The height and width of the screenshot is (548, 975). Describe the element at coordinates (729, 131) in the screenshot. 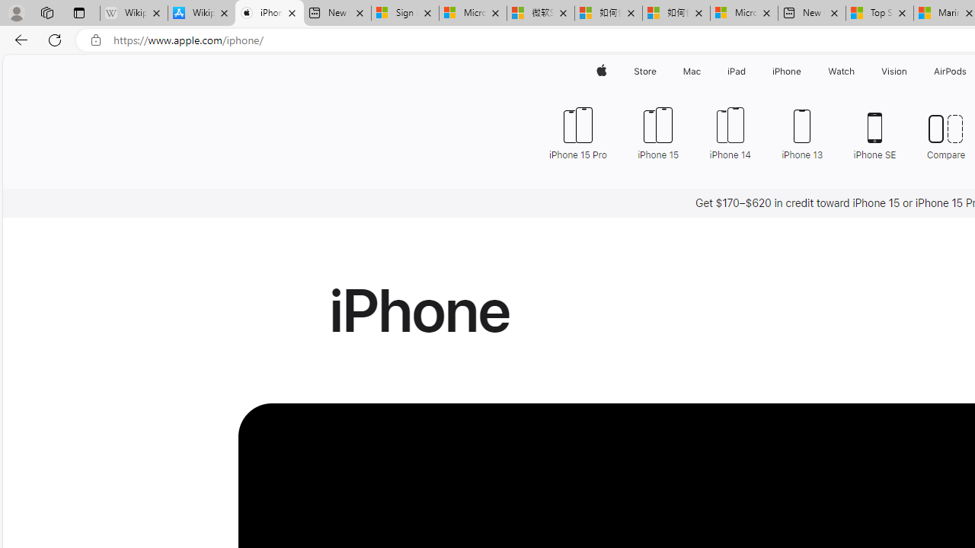

I see `'iPhone 14'` at that location.